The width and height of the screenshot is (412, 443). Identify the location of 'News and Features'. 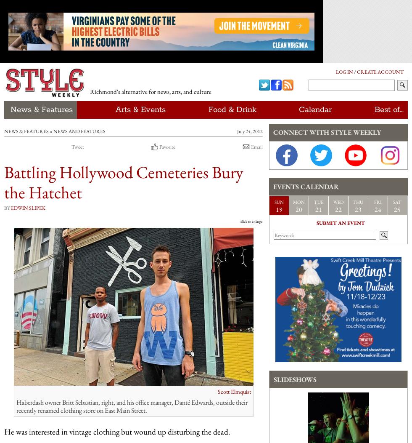
(79, 131).